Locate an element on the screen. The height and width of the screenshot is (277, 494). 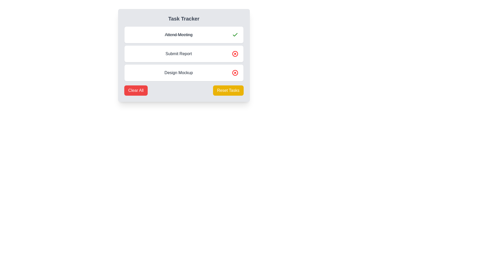
the 'Submit Report' text in the second list item of the task management UI is located at coordinates (184, 54).